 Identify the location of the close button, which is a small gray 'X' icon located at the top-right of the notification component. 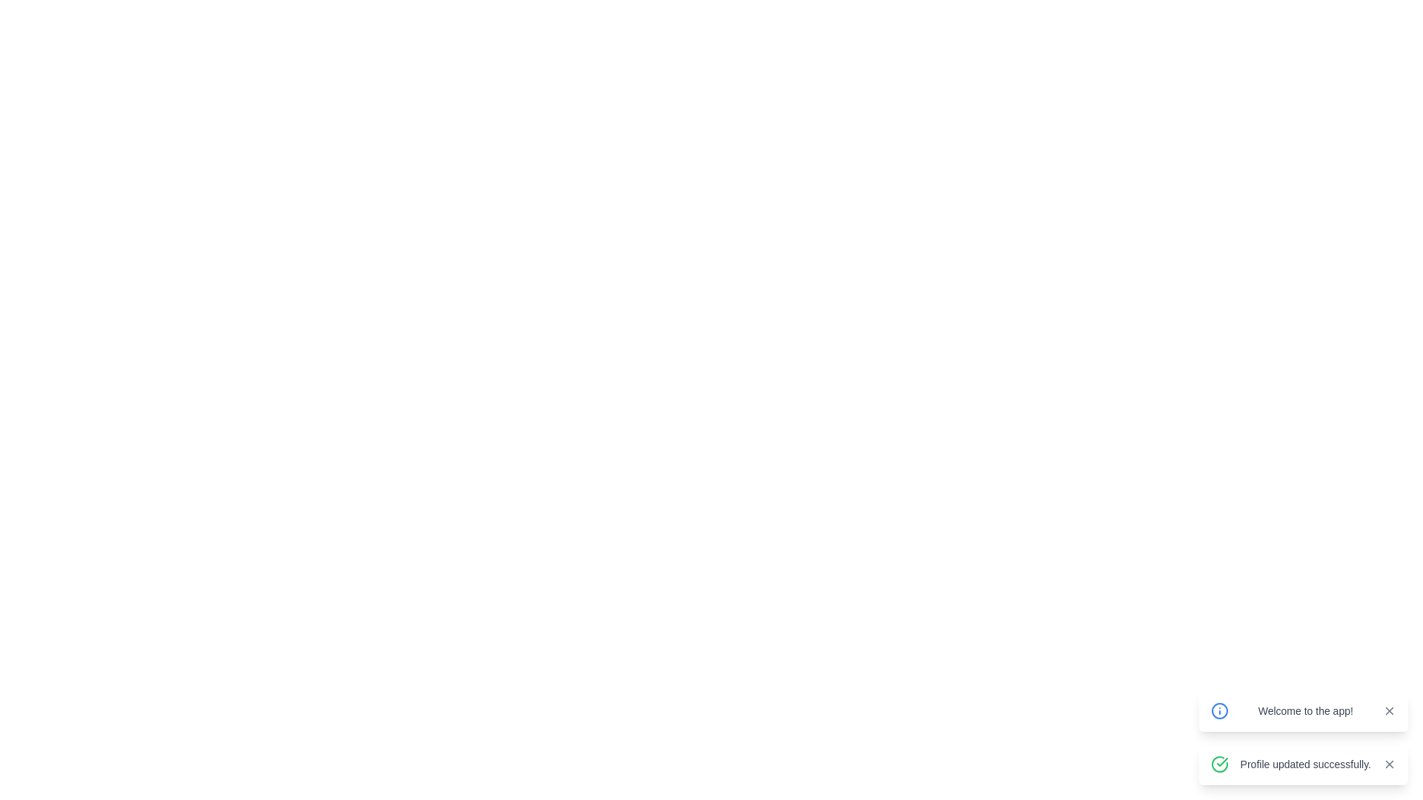
(1389, 710).